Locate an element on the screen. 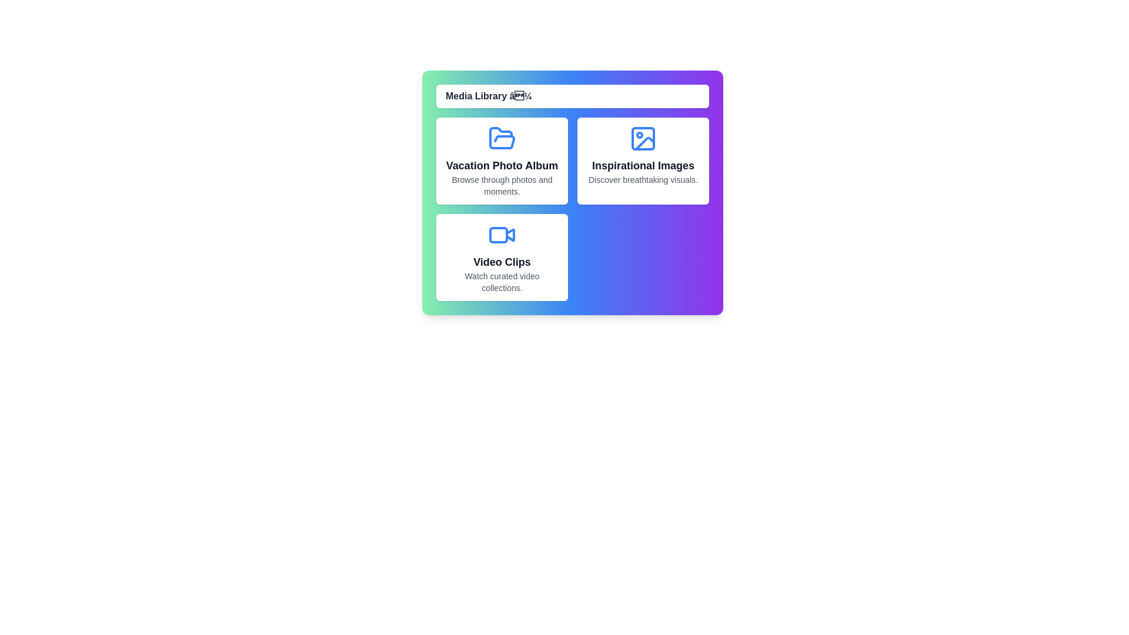  the media item Video Clips to focus on it is located at coordinates (502, 257).